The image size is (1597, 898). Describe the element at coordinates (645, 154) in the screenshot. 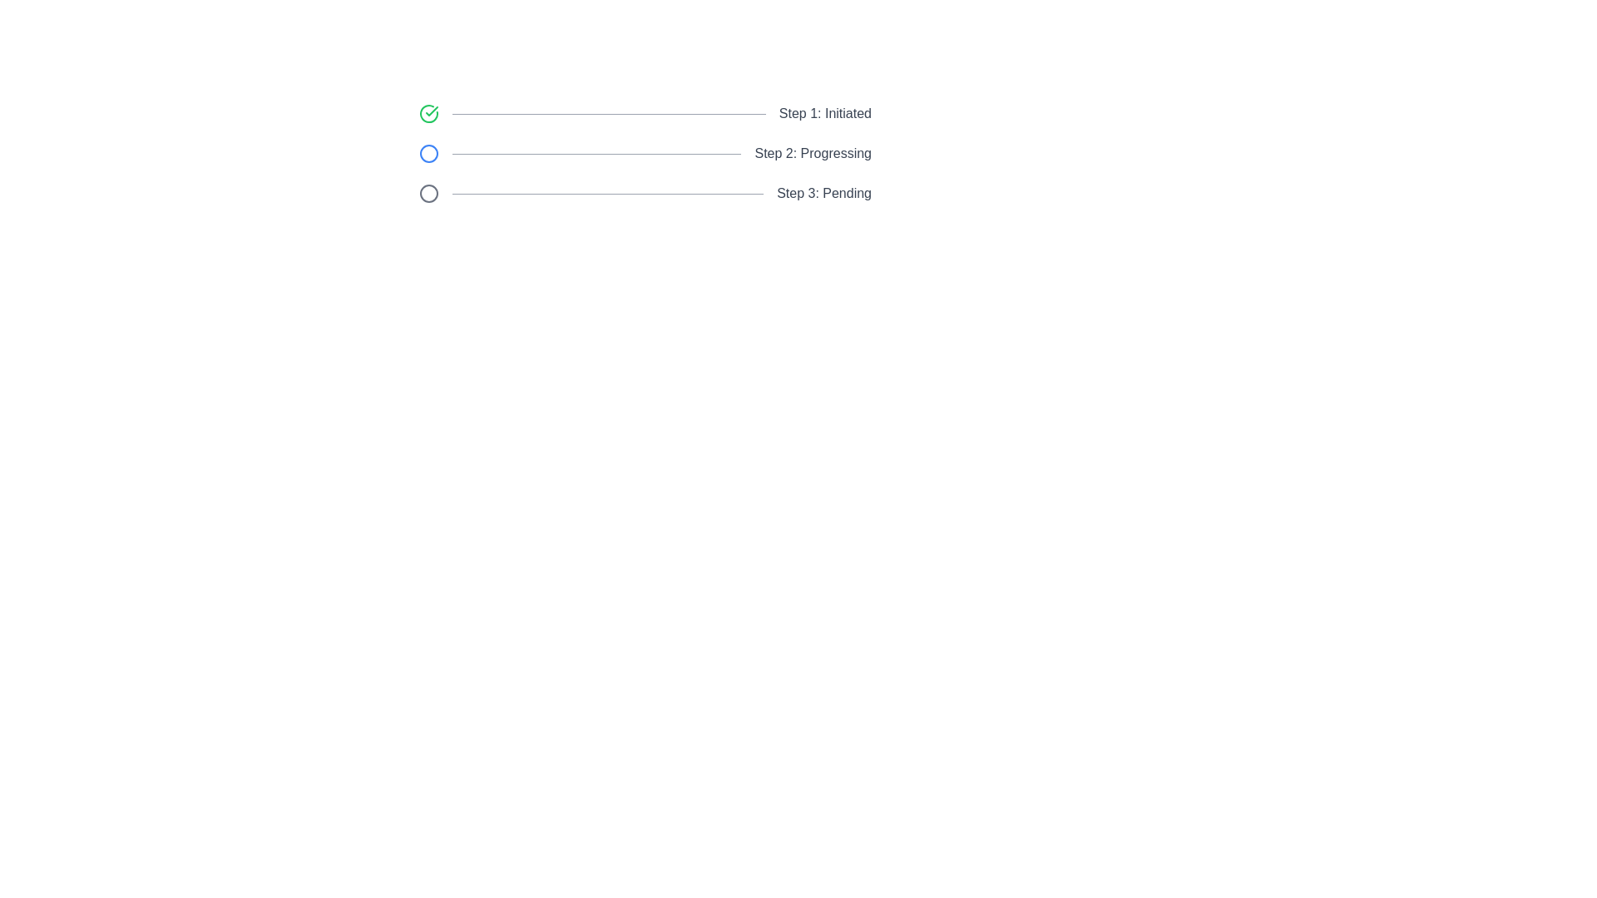

I see `step name from the second step indicator in the vertical step progression UI, which indicates the 'Progressing' status` at that location.